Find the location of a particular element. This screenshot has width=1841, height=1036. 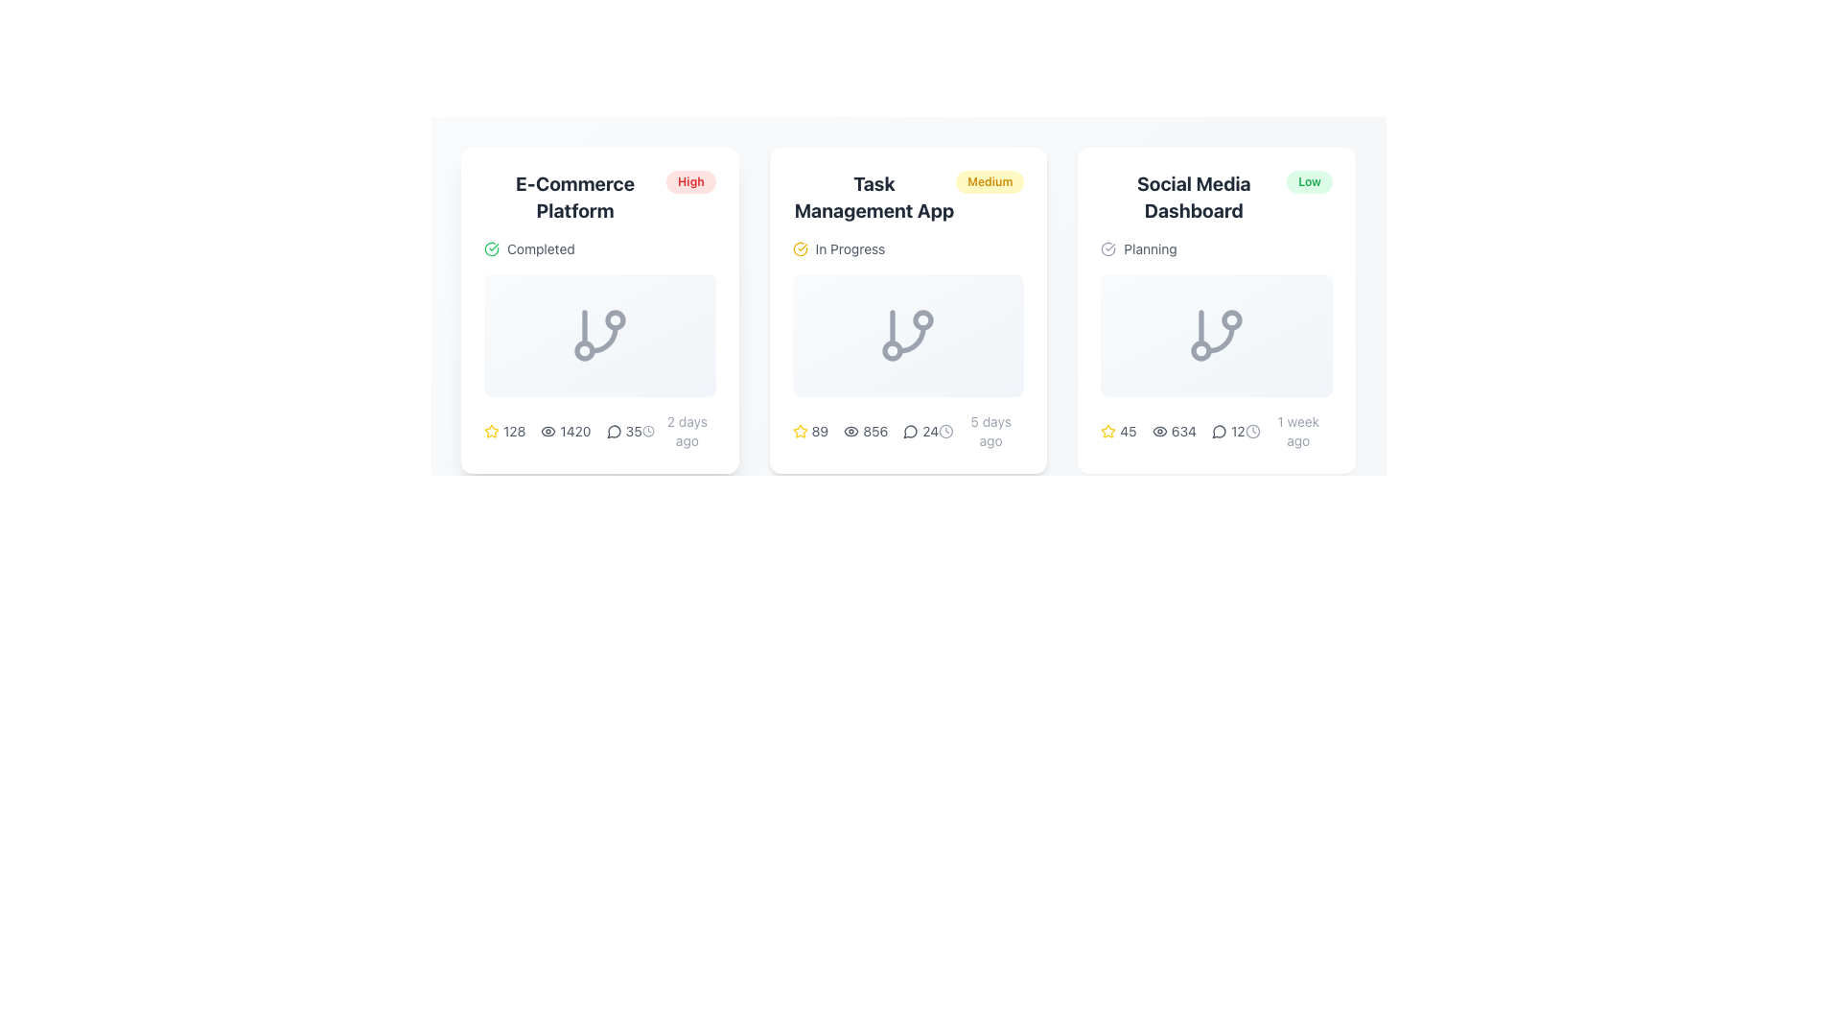

the text label that reads '2 days ago' in light gray color located at the bottom-right area of the leftmost card is located at coordinates (687, 432).